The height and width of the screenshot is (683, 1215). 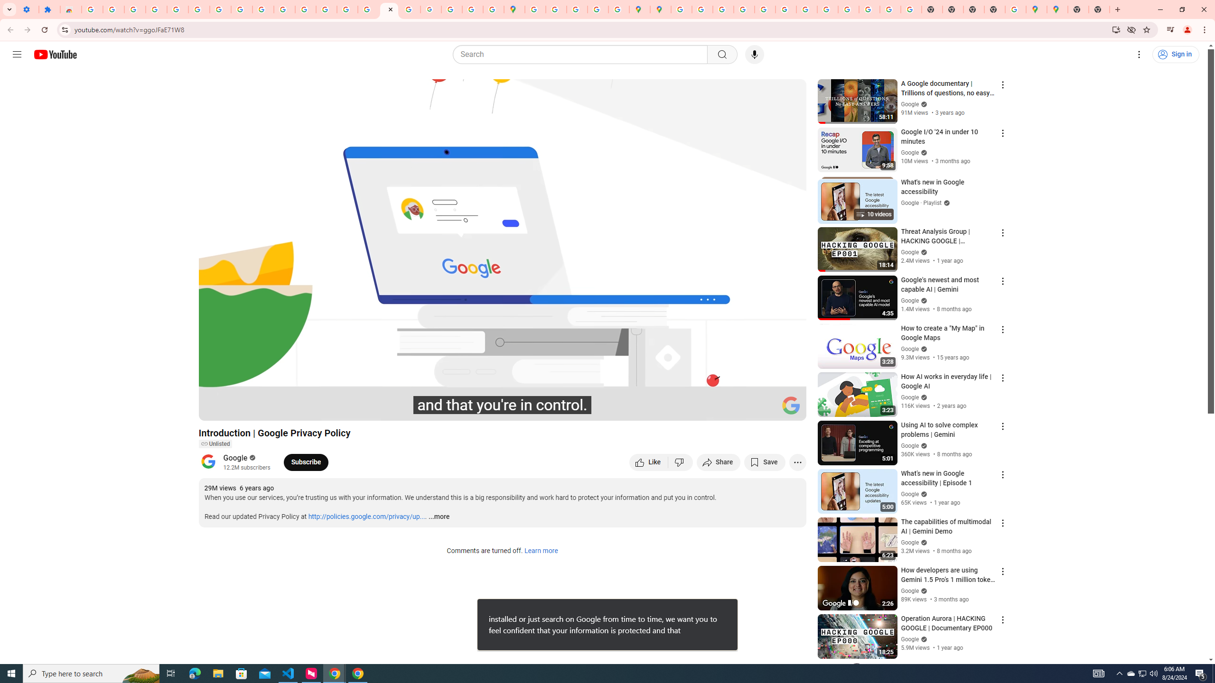 What do you see at coordinates (1002, 668) in the screenshot?
I see `'Action menu'` at bounding box center [1002, 668].